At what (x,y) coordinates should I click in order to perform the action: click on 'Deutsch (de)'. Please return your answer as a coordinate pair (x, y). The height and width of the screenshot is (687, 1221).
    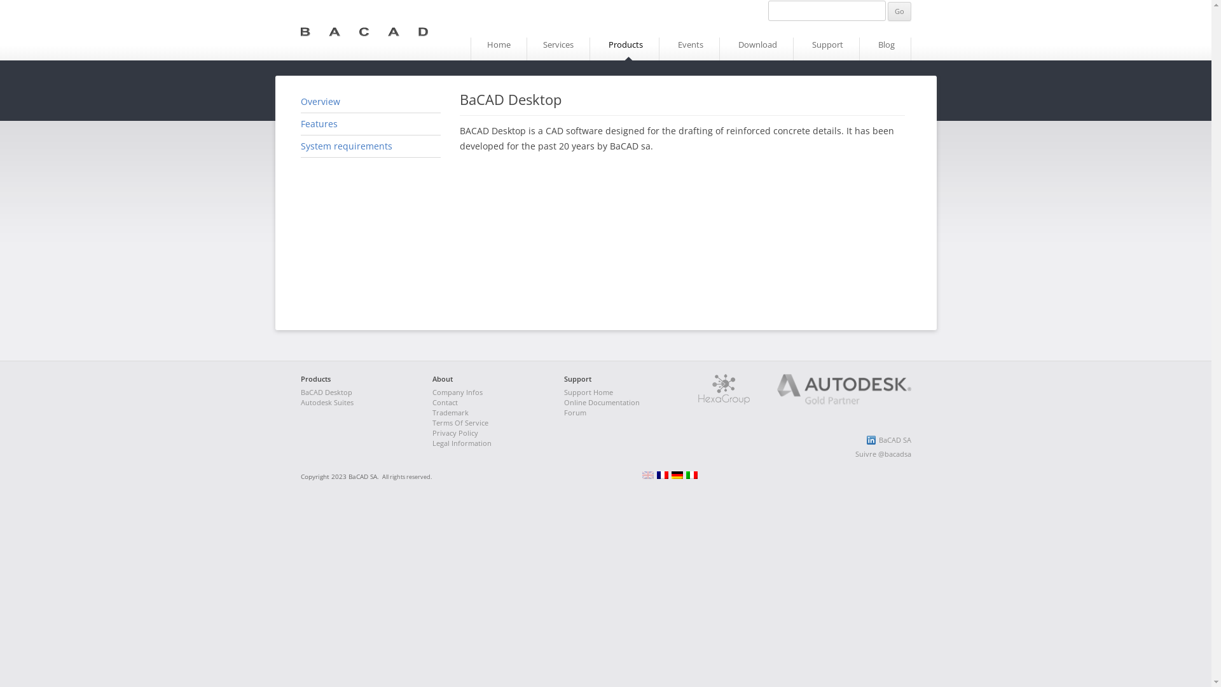
    Looking at the image, I should click on (677, 476).